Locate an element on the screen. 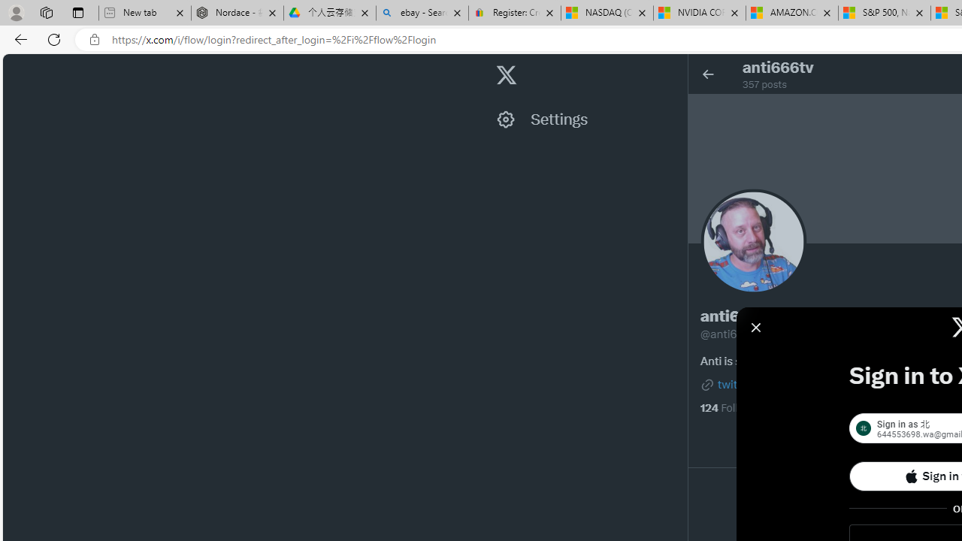 The width and height of the screenshot is (962, 541). 'New tab - Sleeping' is located at coordinates (144, 13).